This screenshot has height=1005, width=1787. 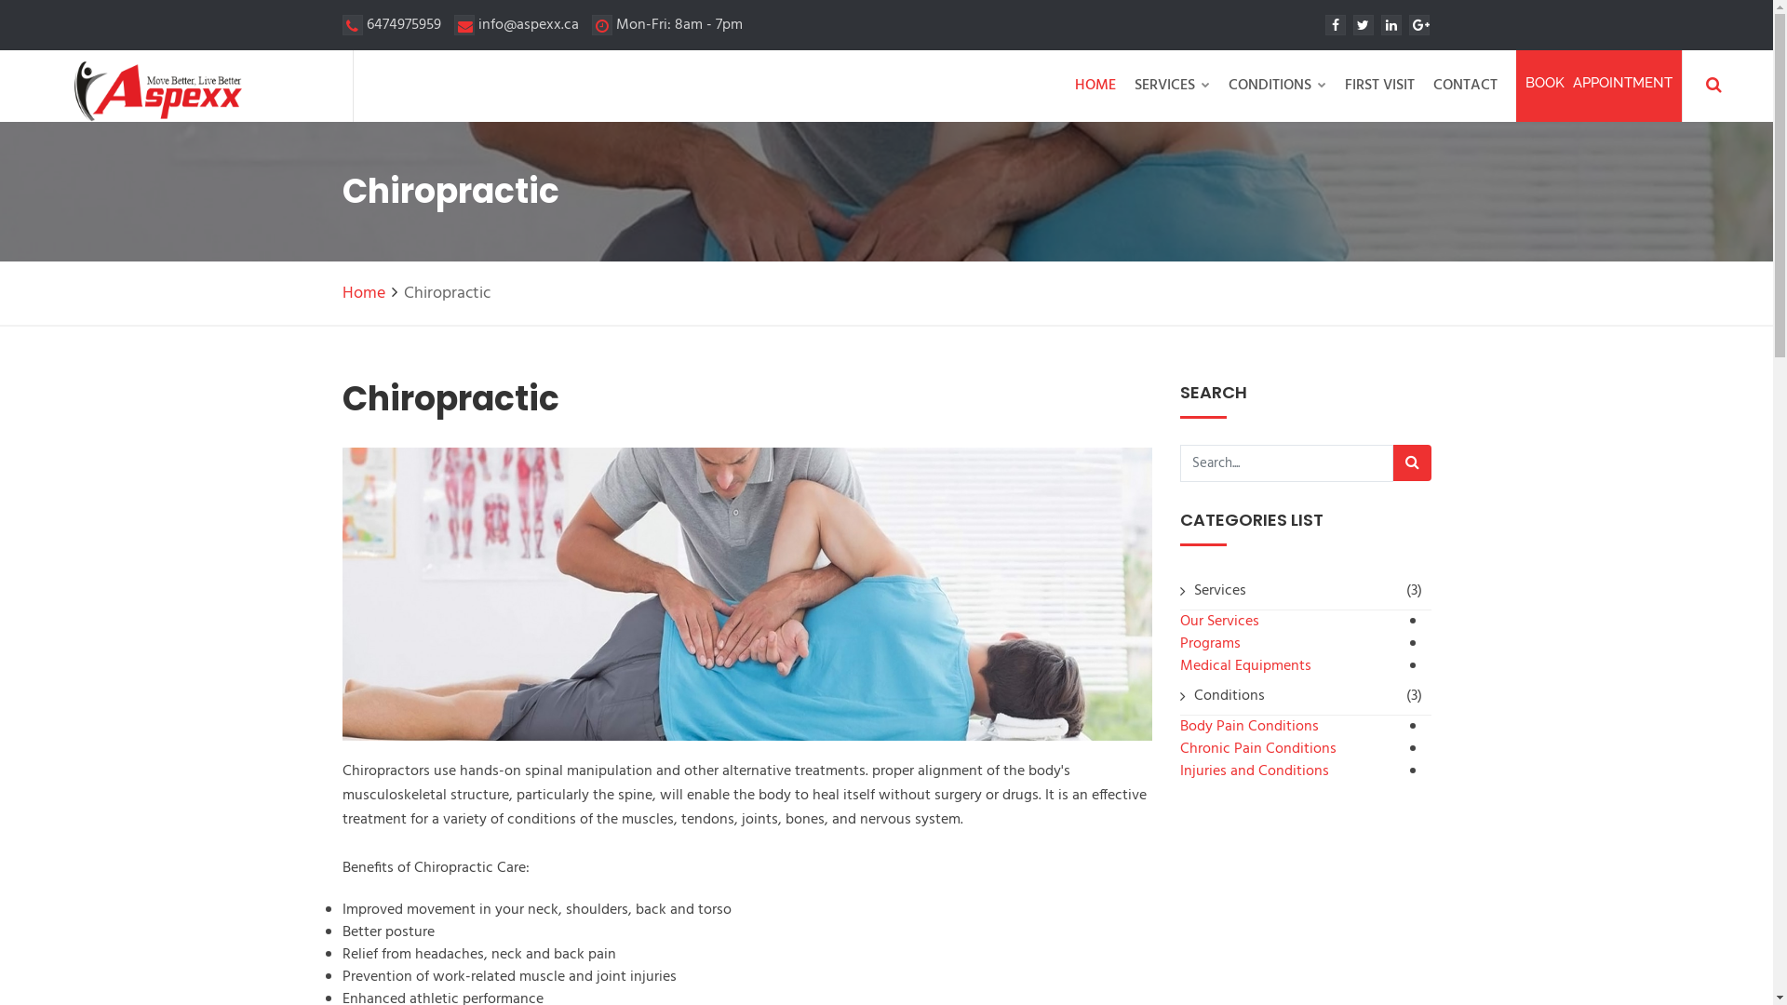 I want to click on 'Mon-Fri: 8am - 7pm', so click(x=666, y=25).